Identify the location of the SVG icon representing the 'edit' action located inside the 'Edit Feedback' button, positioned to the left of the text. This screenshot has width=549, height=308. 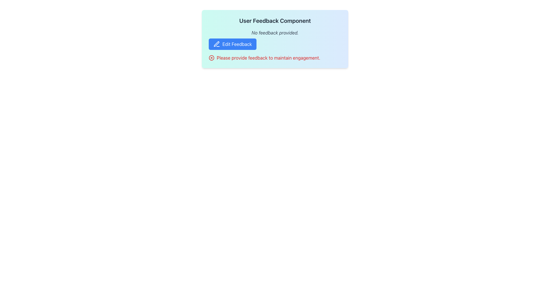
(216, 44).